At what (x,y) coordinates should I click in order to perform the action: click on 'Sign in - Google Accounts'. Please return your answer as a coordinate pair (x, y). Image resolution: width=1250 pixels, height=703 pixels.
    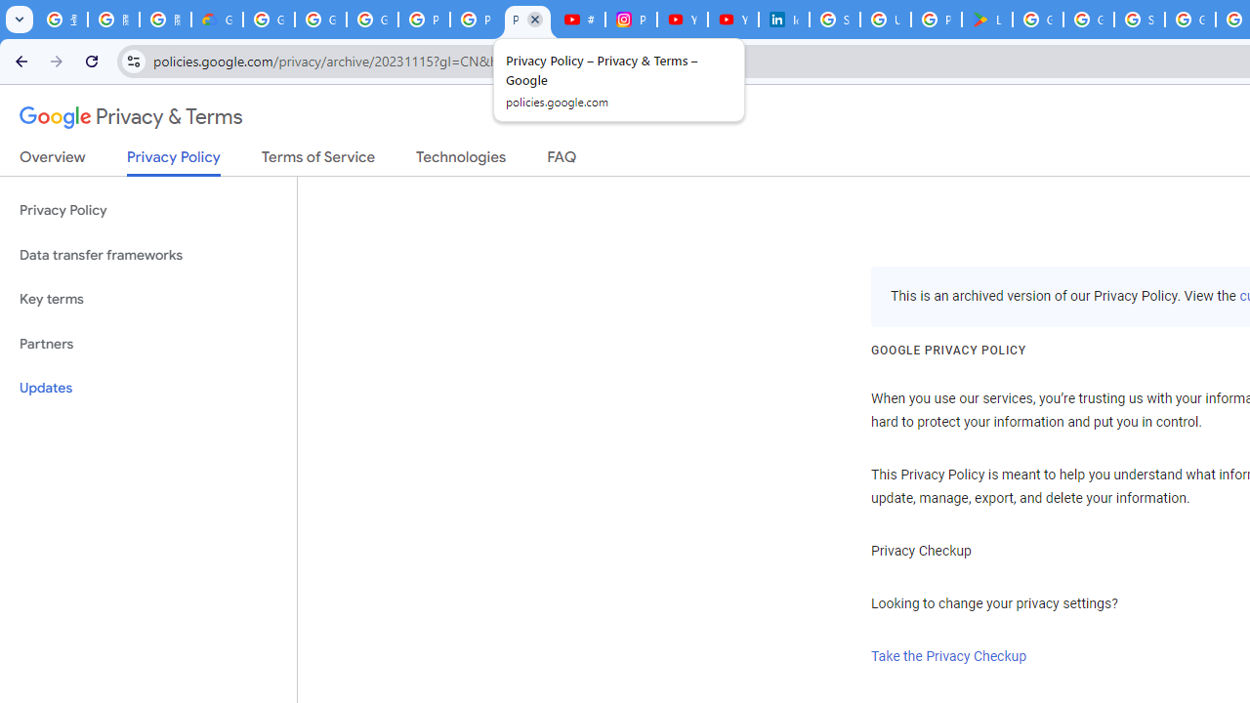
    Looking at the image, I should click on (1139, 20).